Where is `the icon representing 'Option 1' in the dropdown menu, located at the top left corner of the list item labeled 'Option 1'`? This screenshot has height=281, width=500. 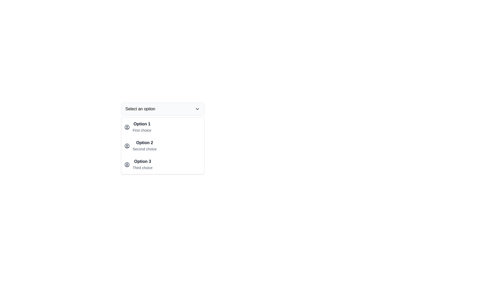 the icon representing 'Option 1' in the dropdown menu, located at the top left corner of the list item labeled 'Option 1' is located at coordinates (127, 127).